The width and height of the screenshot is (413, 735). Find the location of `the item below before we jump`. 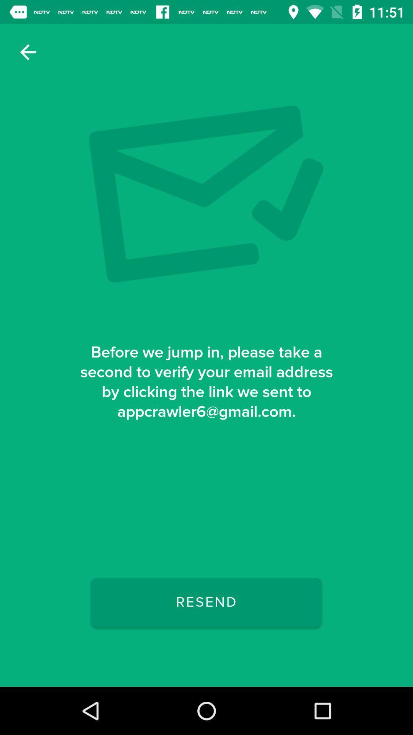

the item below before we jump is located at coordinates (206, 602).